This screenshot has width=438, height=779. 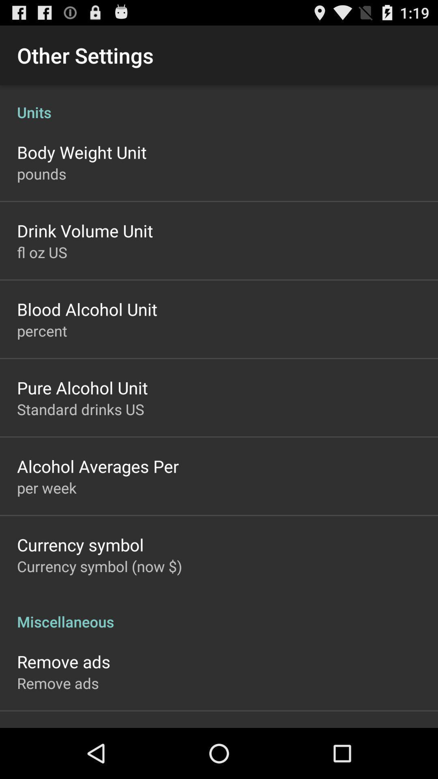 I want to click on the miscellaneous icon, so click(x=219, y=613).